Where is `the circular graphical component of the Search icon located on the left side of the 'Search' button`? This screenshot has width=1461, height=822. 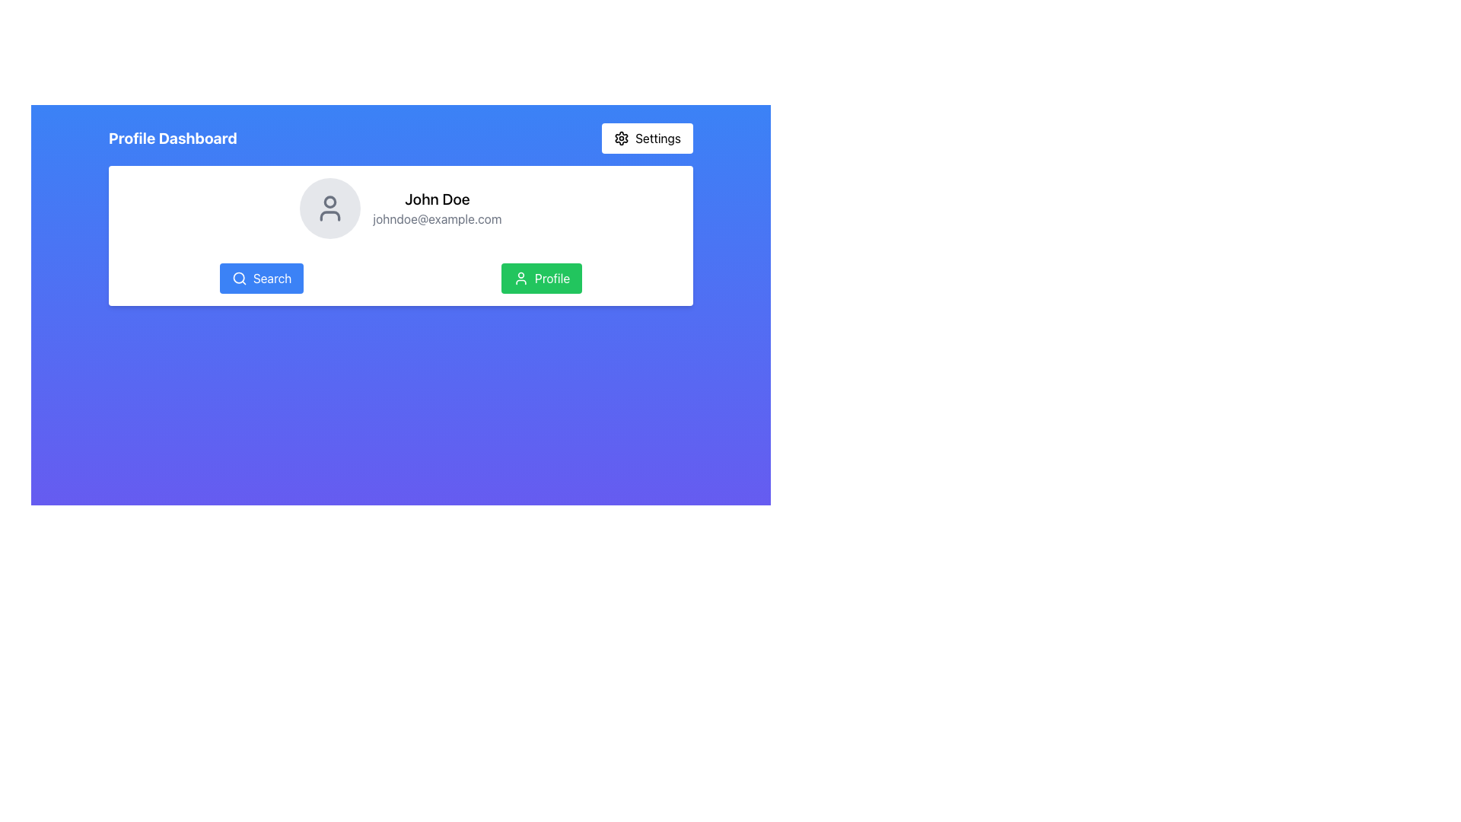 the circular graphical component of the Search icon located on the left side of the 'Search' button is located at coordinates (237, 278).